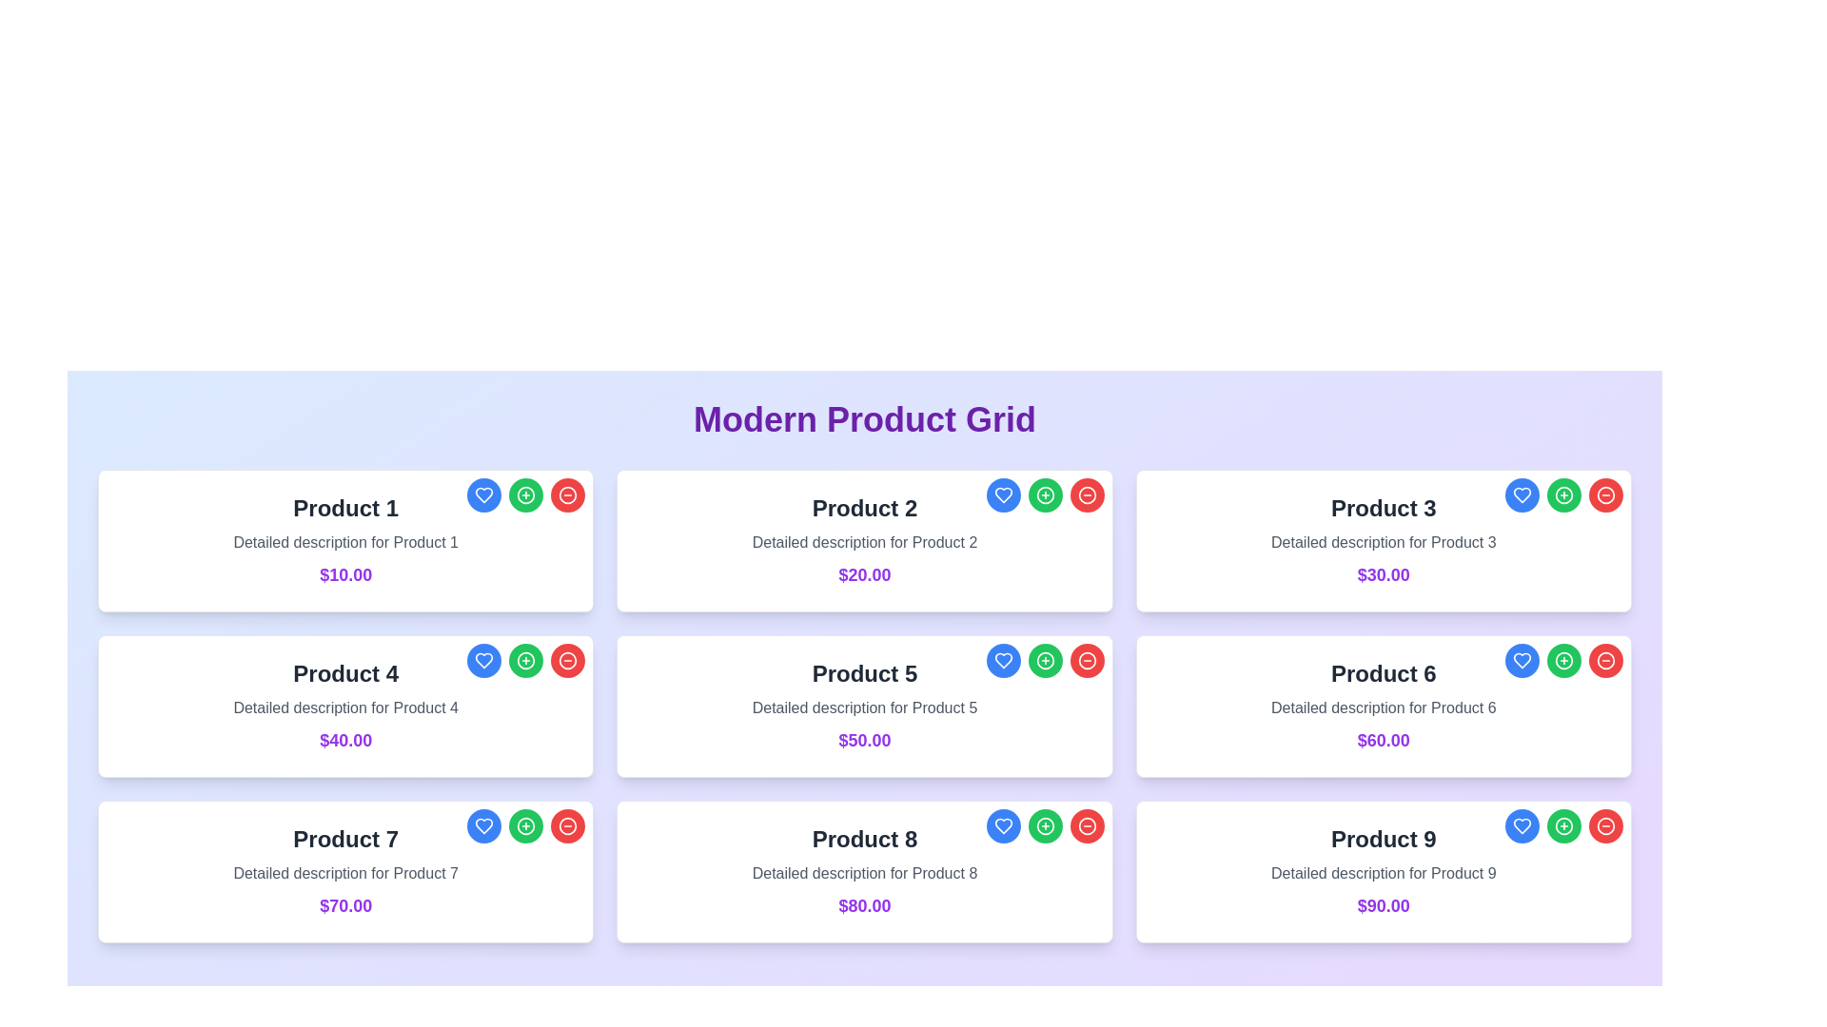 This screenshot has height=1027, width=1827. Describe the element at coordinates (1002, 659) in the screenshot. I see `the circular blue button with a white heart icon at the top-right corner of 'Product 5' to mark the product as a favorite` at that location.